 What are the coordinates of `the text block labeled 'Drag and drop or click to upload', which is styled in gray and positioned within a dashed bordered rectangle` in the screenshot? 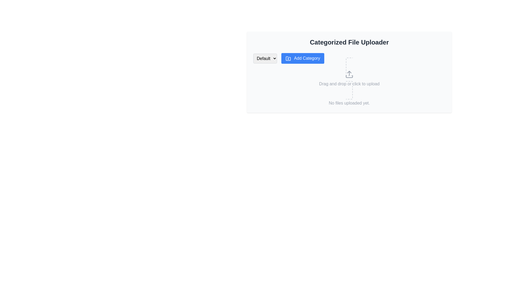 It's located at (349, 84).